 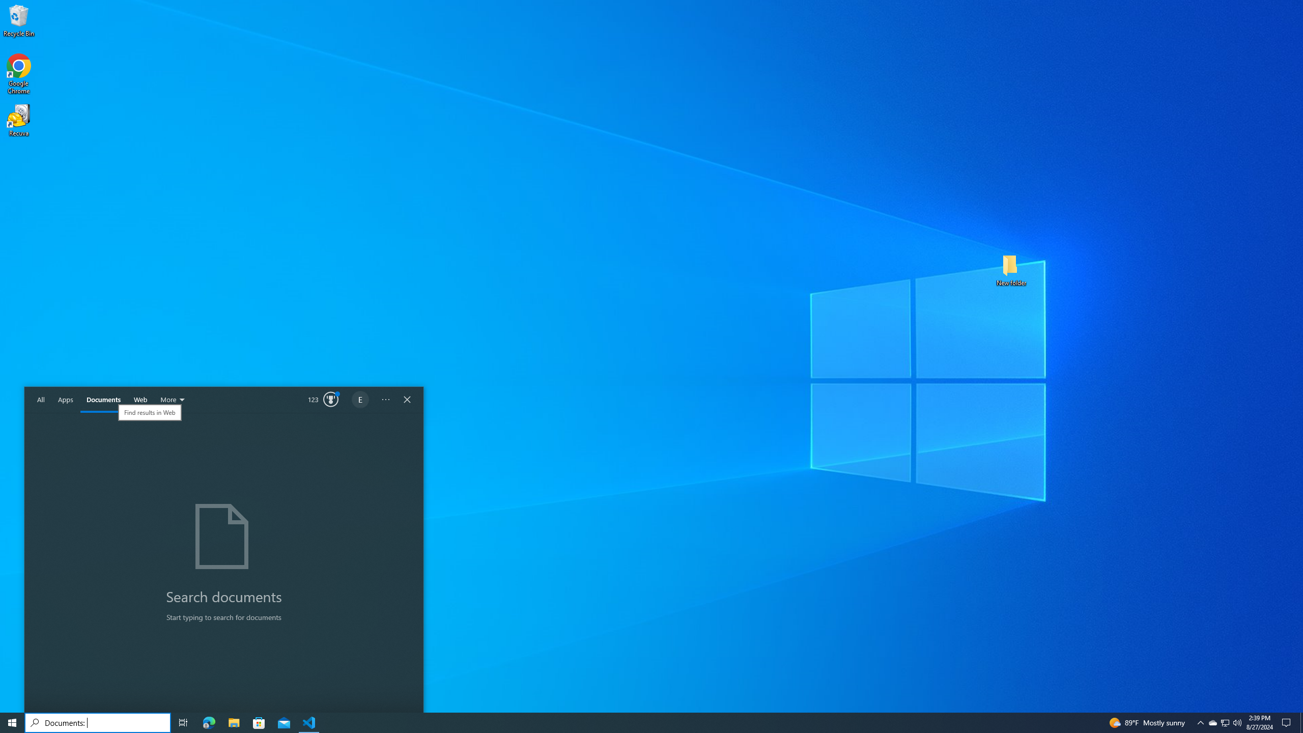 I want to click on 'Close Windows Search', so click(x=407, y=400).